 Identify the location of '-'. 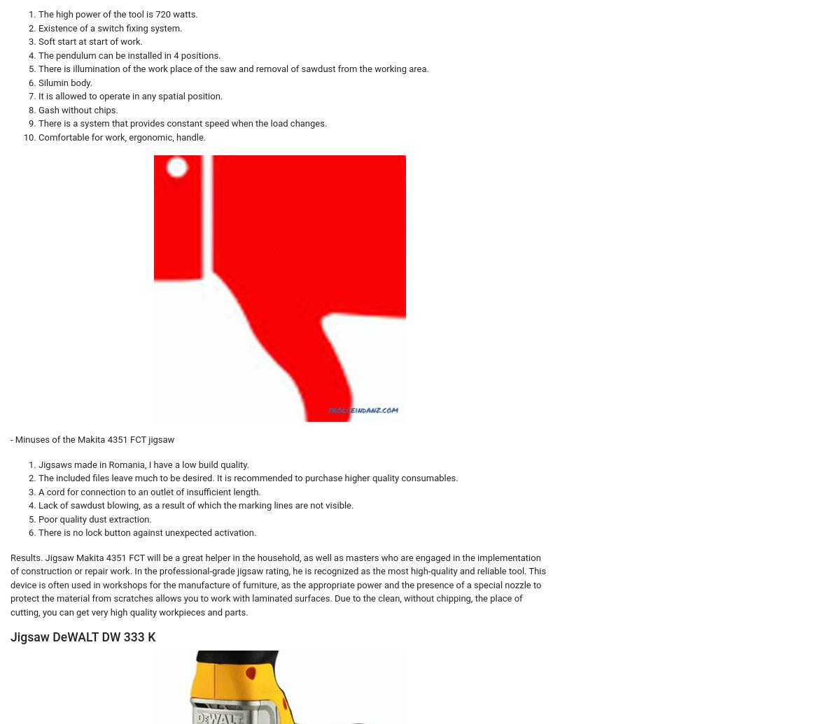
(13, 439).